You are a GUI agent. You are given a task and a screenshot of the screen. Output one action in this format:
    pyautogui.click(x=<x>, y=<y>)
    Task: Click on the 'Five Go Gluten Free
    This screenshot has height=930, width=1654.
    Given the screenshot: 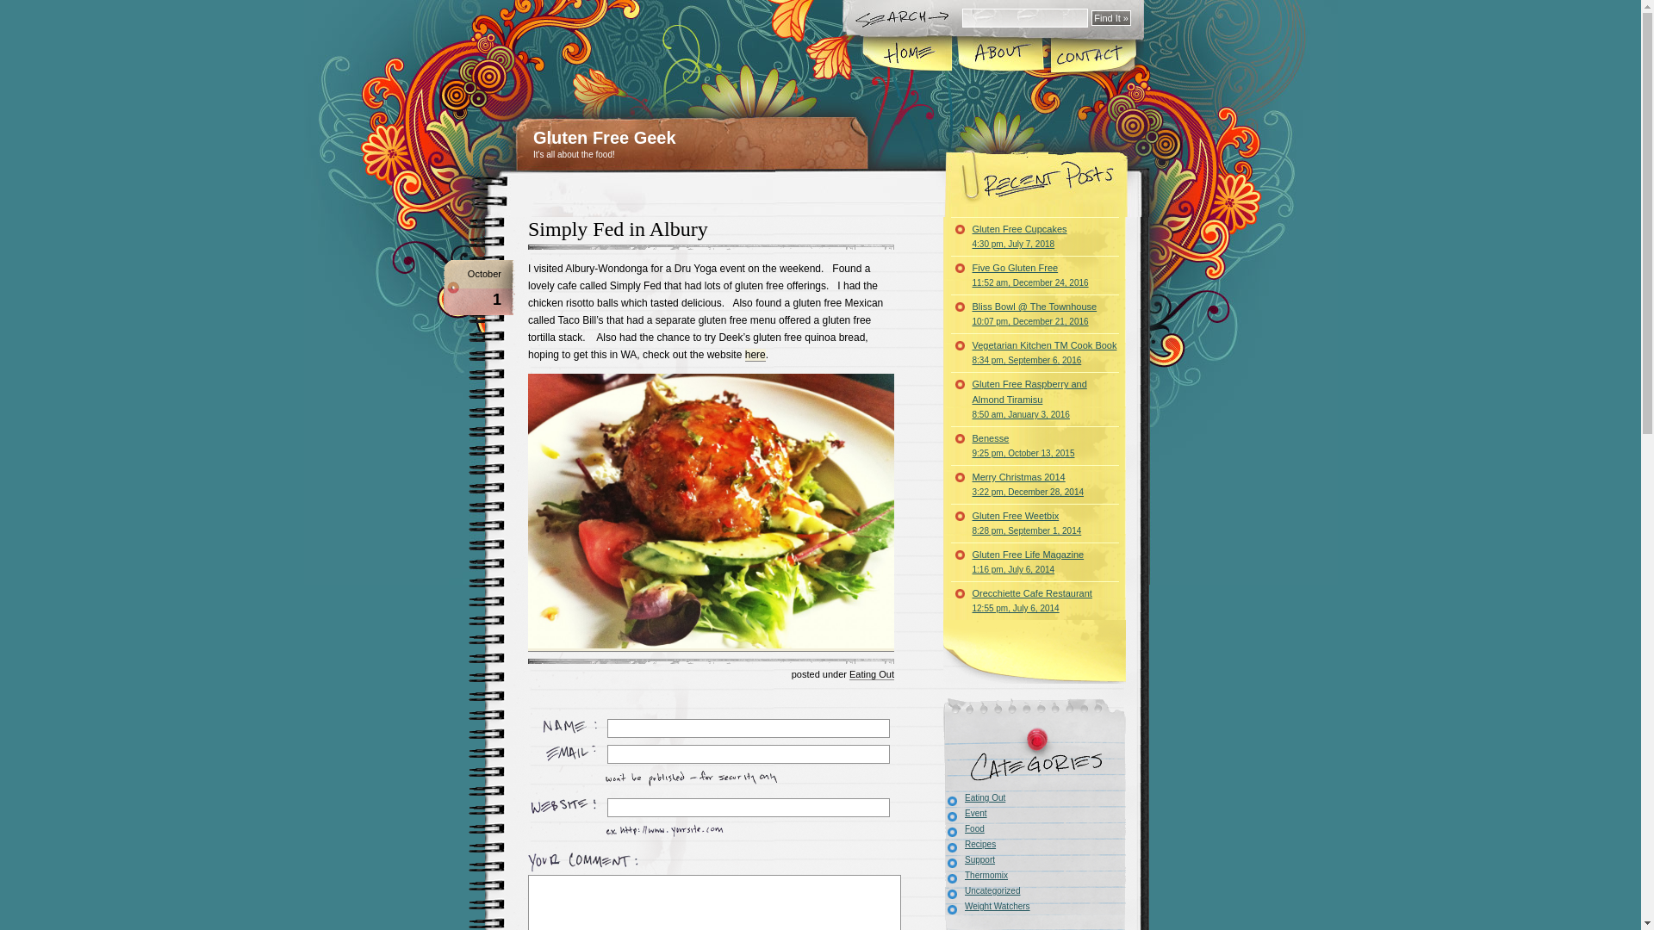 What is the action you would take?
    pyautogui.click(x=1034, y=274)
    